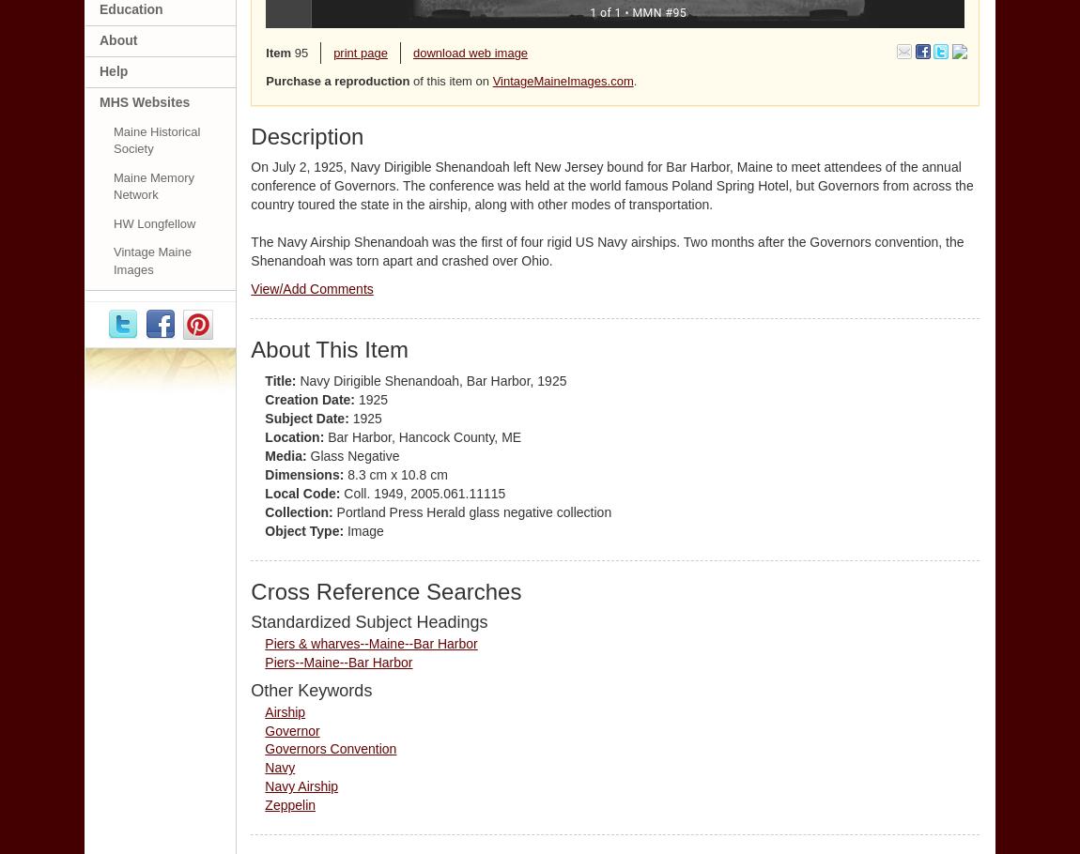  Describe the element at coordinates (368, 620) in the screenshot. I see `'Standardized Subject Headings'` at that location.